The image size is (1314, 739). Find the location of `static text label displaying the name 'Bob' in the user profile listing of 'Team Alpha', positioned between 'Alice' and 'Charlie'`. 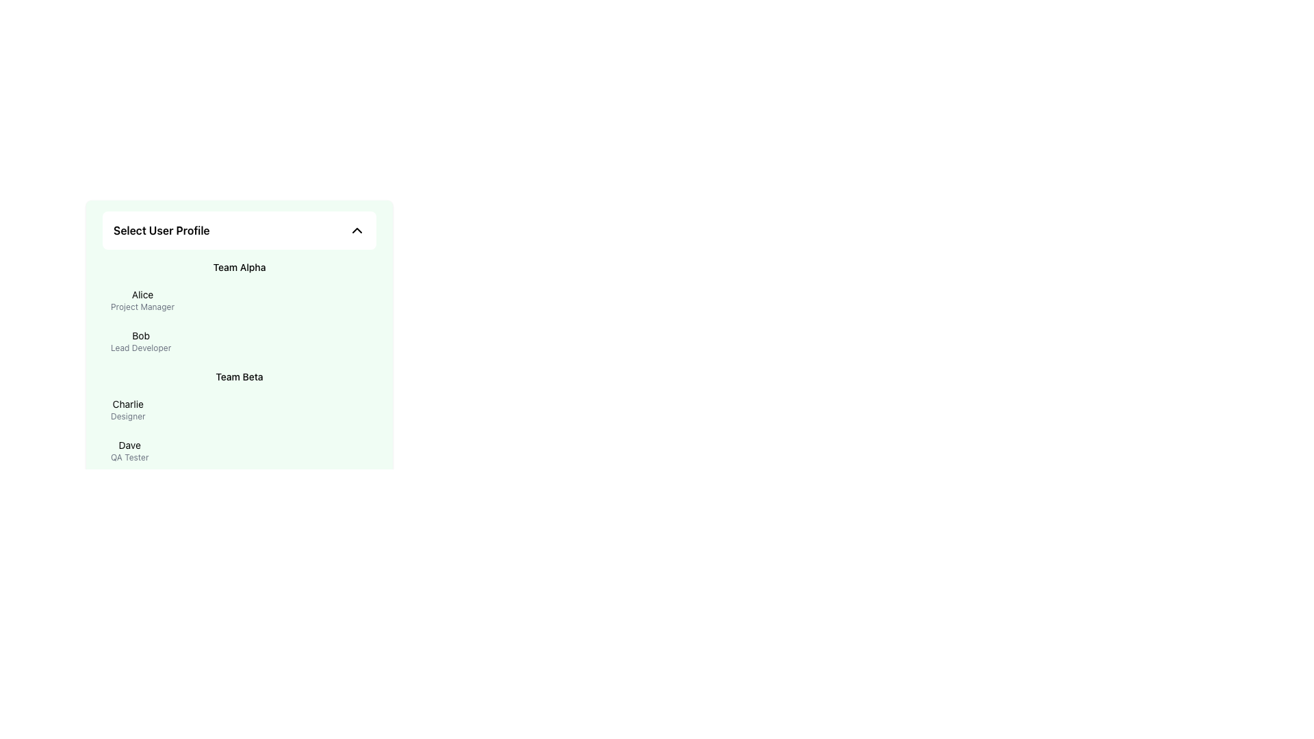

static text label displaying the name 'Bob' in the user profile listing of 'Team Alpha', positioned between 'Alice' and 'Charlie' is located at coordinates (141, 335).